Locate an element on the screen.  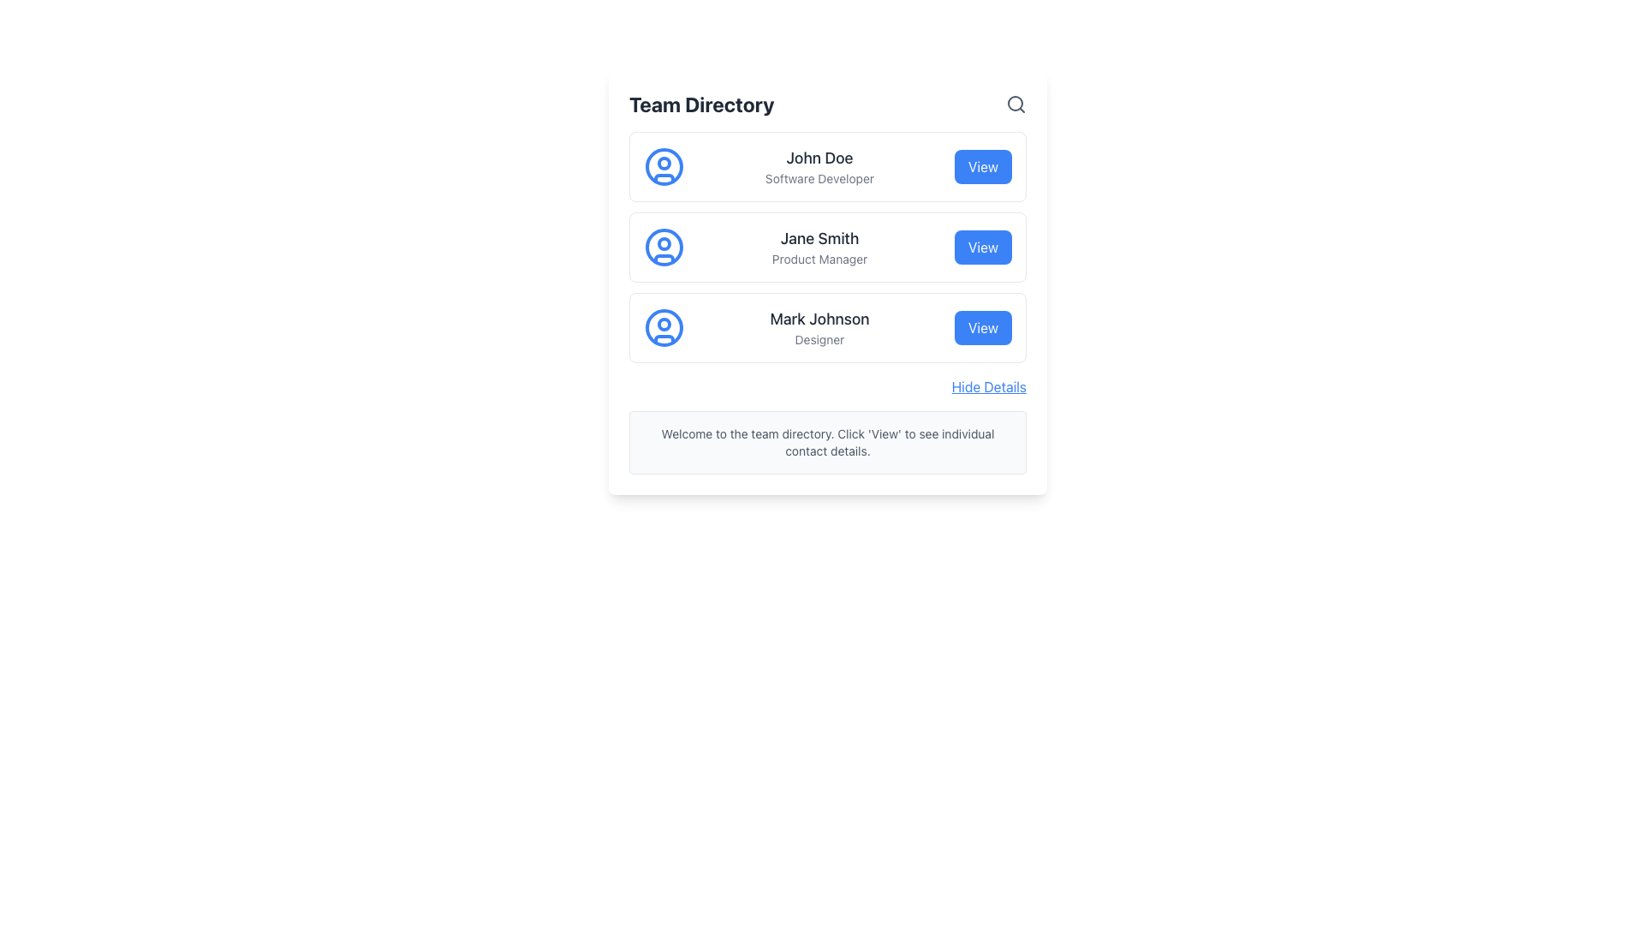
the outermost circular outline of the profile icon for 'Mark Johnson', which is a blue circular outline located in the third row of items, aligned with the text 'Mark Johnson' and the 'View' button is located at coordinates (664, 327).